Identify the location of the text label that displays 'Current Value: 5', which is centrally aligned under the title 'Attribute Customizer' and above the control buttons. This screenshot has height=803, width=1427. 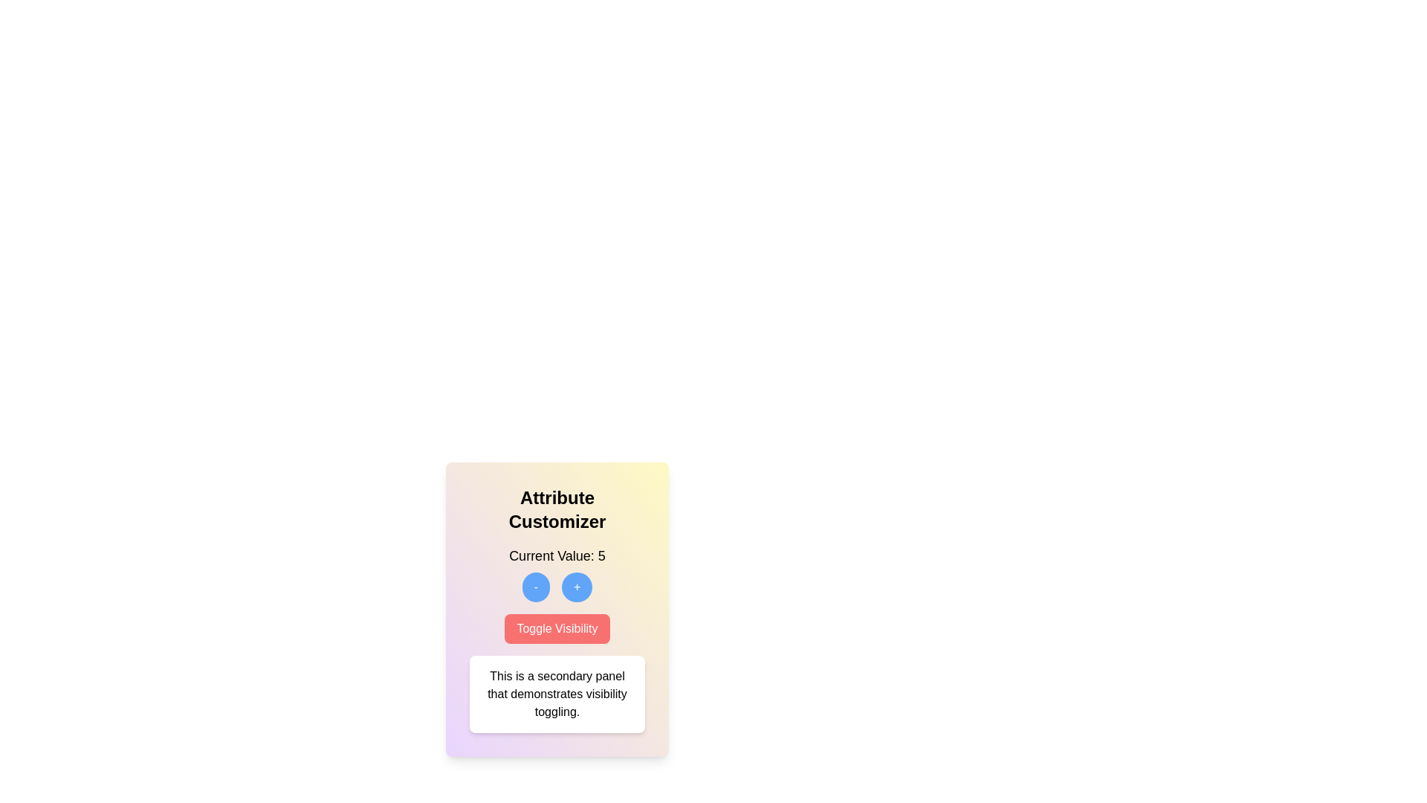
(556, 556).